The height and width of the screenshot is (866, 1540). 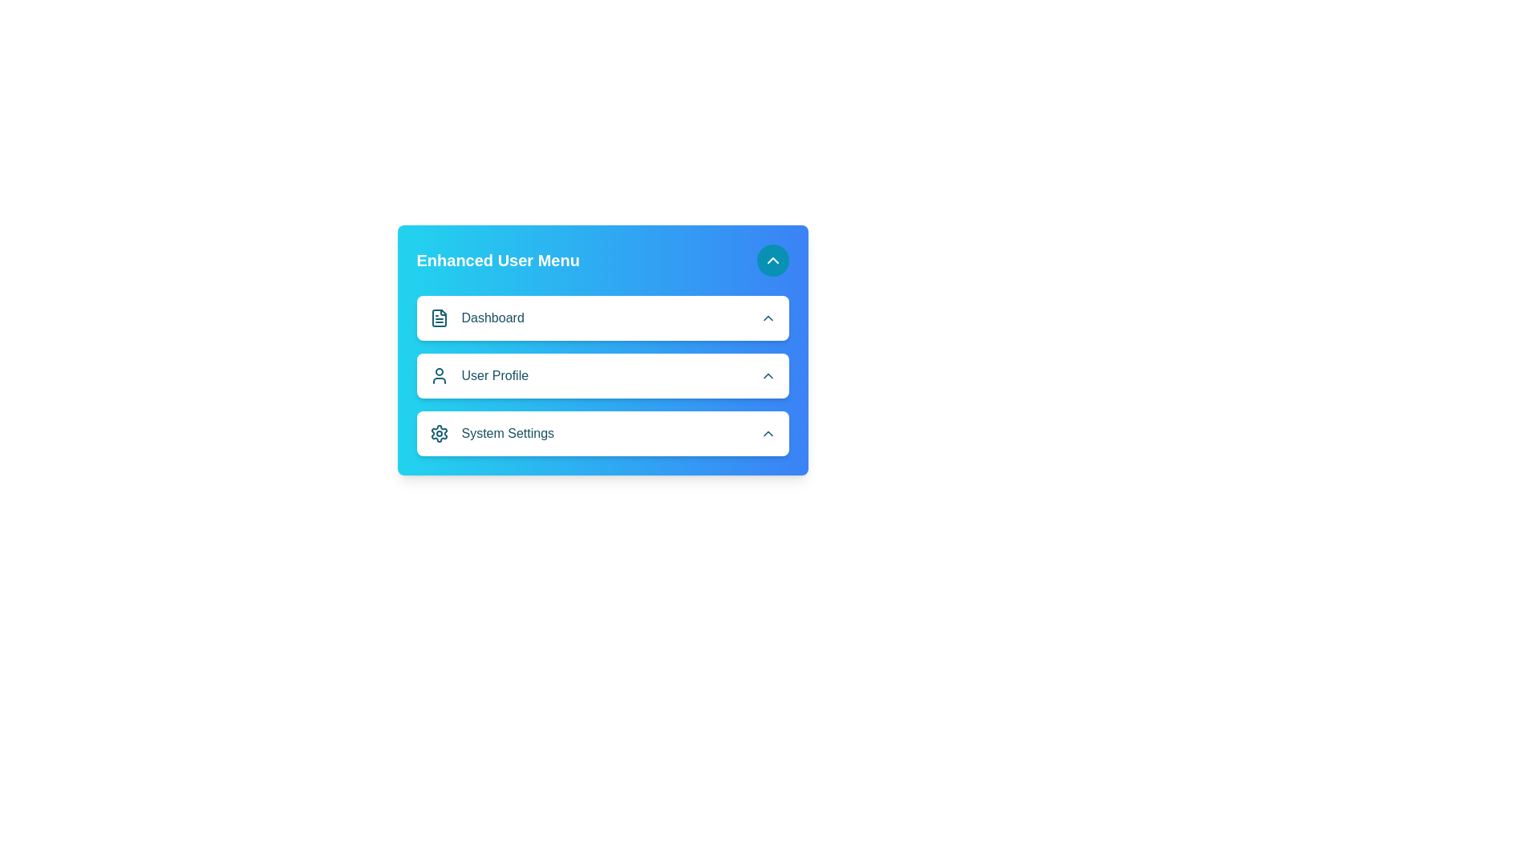 I want to click on the 'System Settings' icon, which is the first element in the horizontal group structure to the left of the text label 'System Settings' in the 'Enhanced User Menu', so click(x=439, y=433).